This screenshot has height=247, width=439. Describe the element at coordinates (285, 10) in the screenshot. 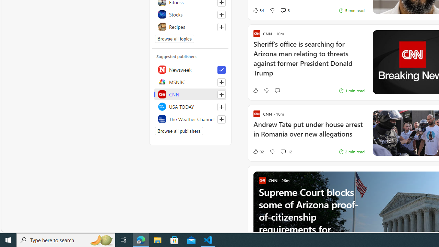

I see `'View comments 3 Comment'` at that location.